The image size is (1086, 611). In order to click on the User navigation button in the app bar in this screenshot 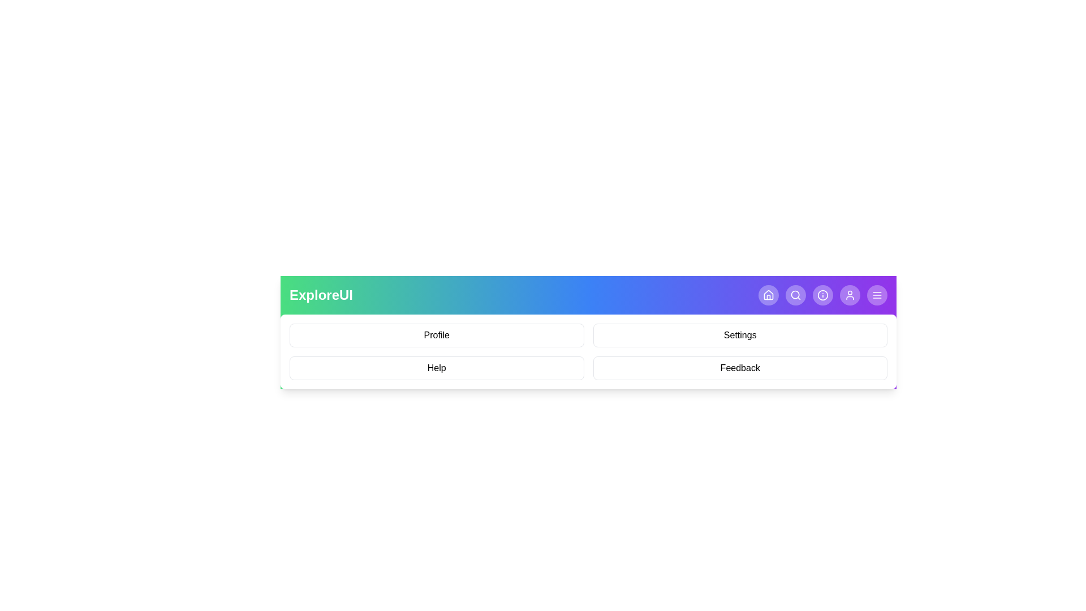, I will do `click(850, 294)`.